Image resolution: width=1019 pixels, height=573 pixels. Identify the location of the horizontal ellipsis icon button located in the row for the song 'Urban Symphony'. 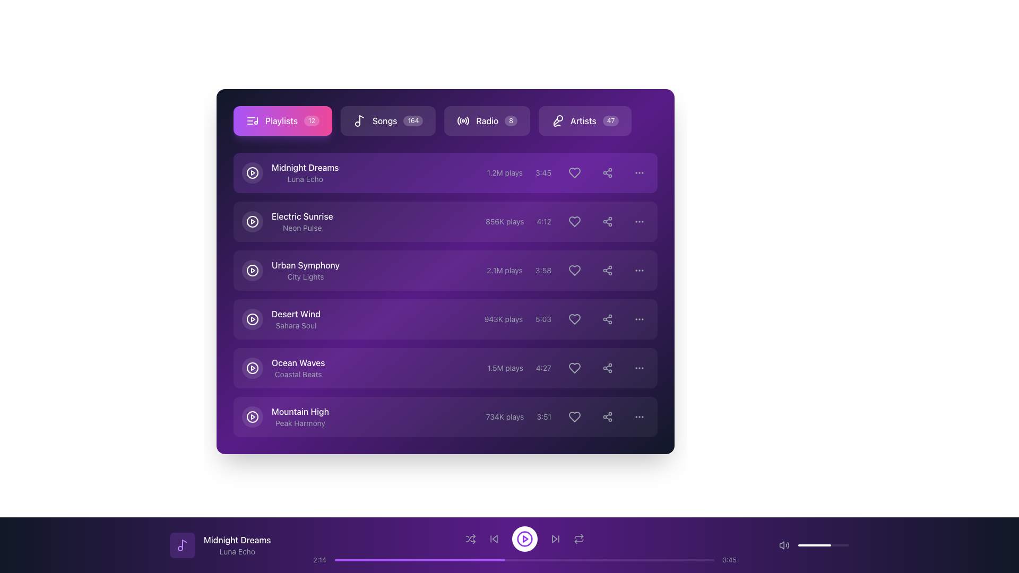
(638, 270).